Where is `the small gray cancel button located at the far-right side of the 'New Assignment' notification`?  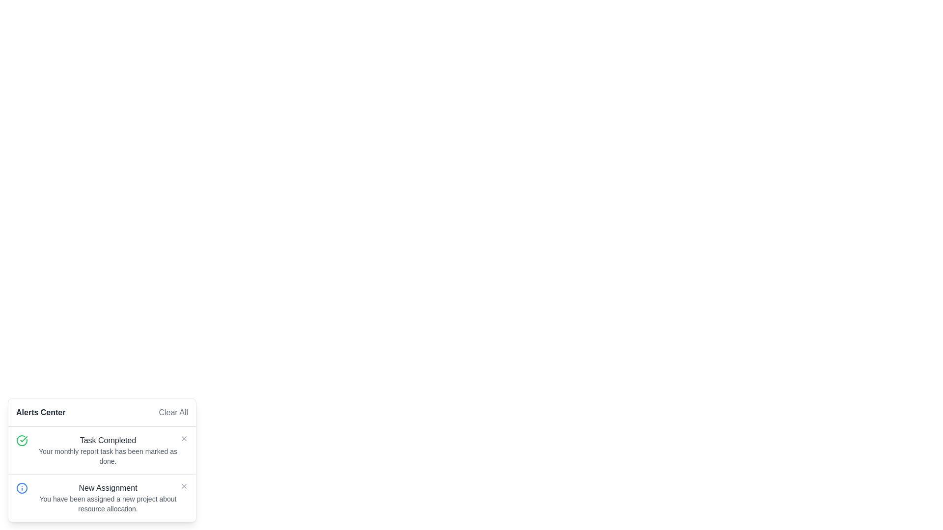
the small gray cancel button located at the far-right side of the 'New Assignment' notification is located at coordinates (184, 486).